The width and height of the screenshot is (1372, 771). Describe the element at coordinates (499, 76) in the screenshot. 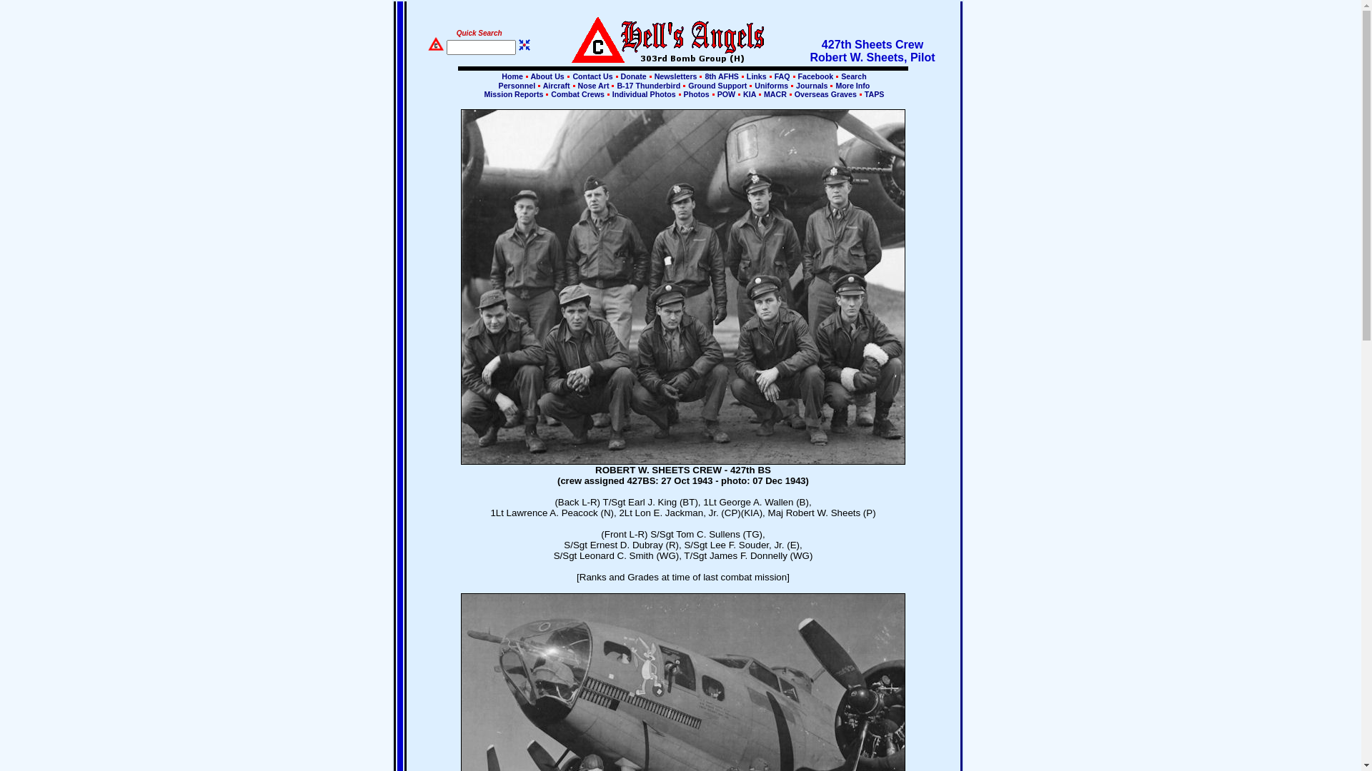

I see `' Home'` at that location.